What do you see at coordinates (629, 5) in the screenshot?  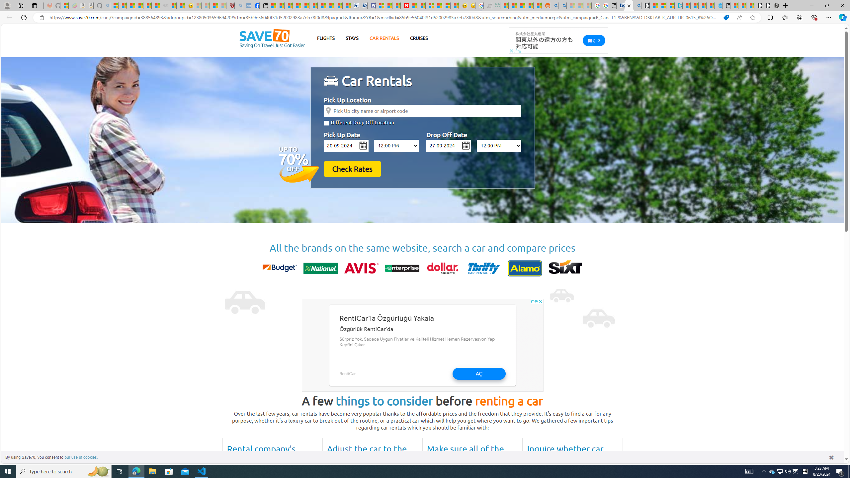 I see `'Cheap Car Rentals - Save70.com'` at bounding box center [629, 5].